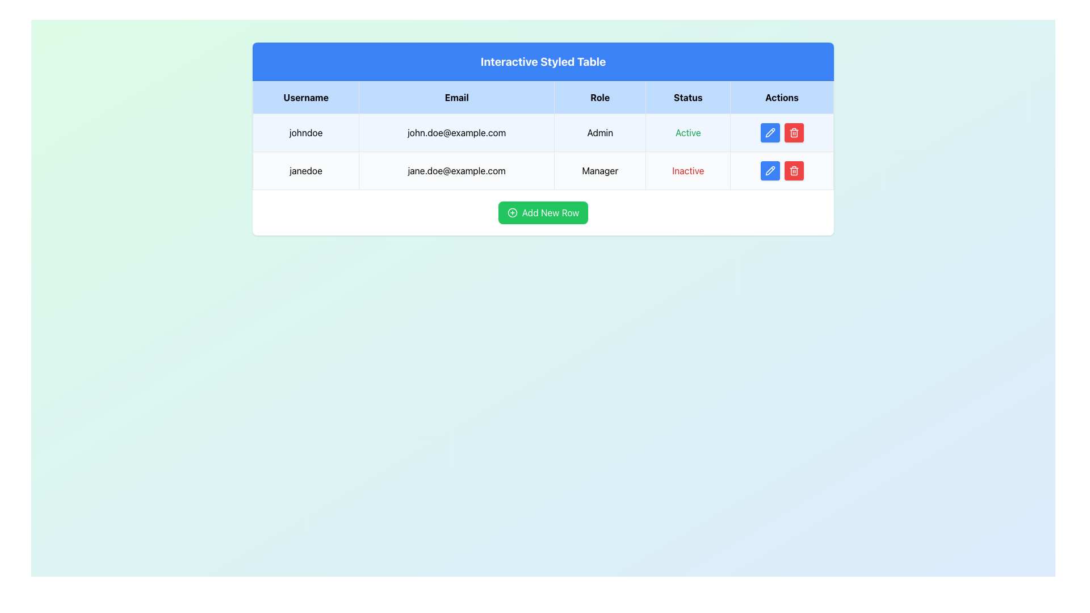 The image size is (1090, 613). Describe the element at coordinates (456, 97) in the screenshot. I see `the 'Email' column header cell in the table, which is the second cell in the header row, positioned between the 'Username' and 'Role' cells` at that location.